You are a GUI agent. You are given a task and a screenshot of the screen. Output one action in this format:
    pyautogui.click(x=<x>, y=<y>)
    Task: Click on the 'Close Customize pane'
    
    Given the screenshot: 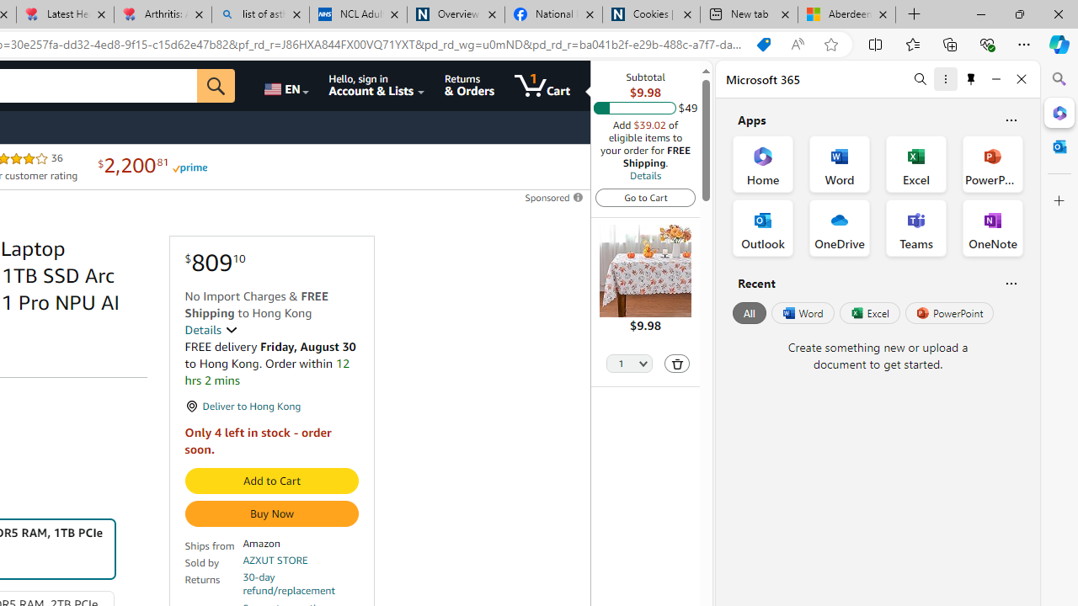 What is the action you would take?
    pyautogui.click(x=1059, y=200)
    